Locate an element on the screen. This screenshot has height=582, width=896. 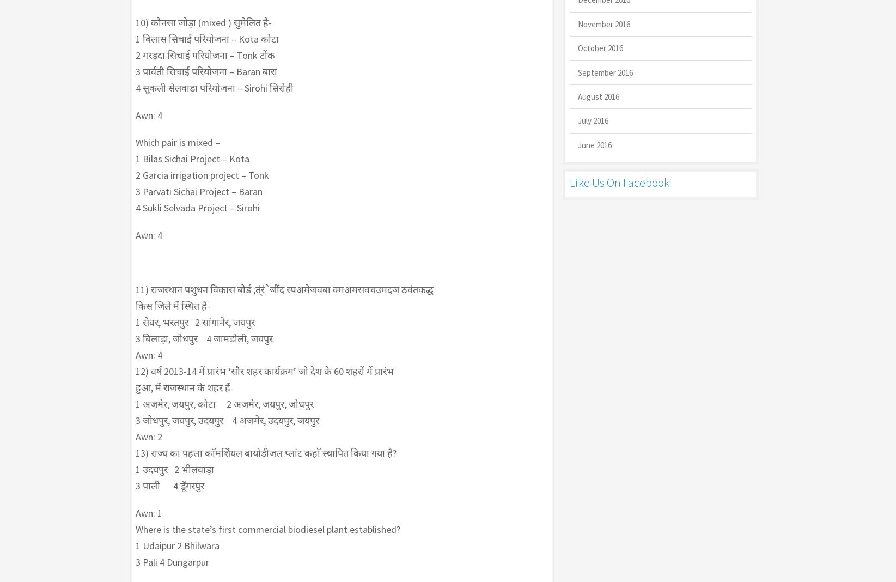
'1 अजमेर, जयपुर, कोटा     2 अजमेर, जयपुर, जोधपुर' is located at coordinates (223, 404).